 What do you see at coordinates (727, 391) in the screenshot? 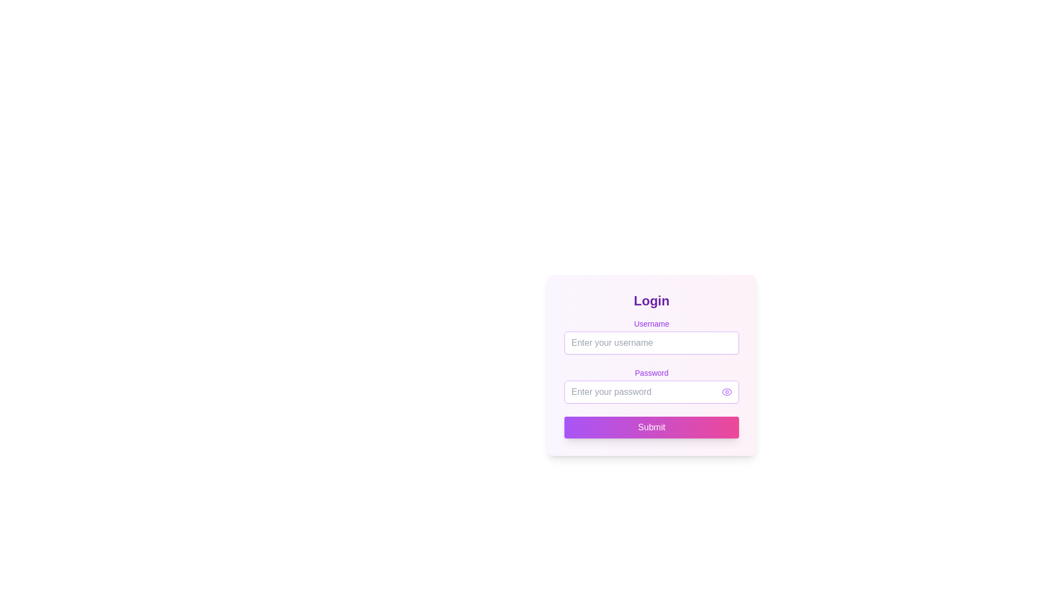
I see `the purple eye icon representing the visibility toggle button located to the right of the password input field in the login form` at bounding box center [727, 391].